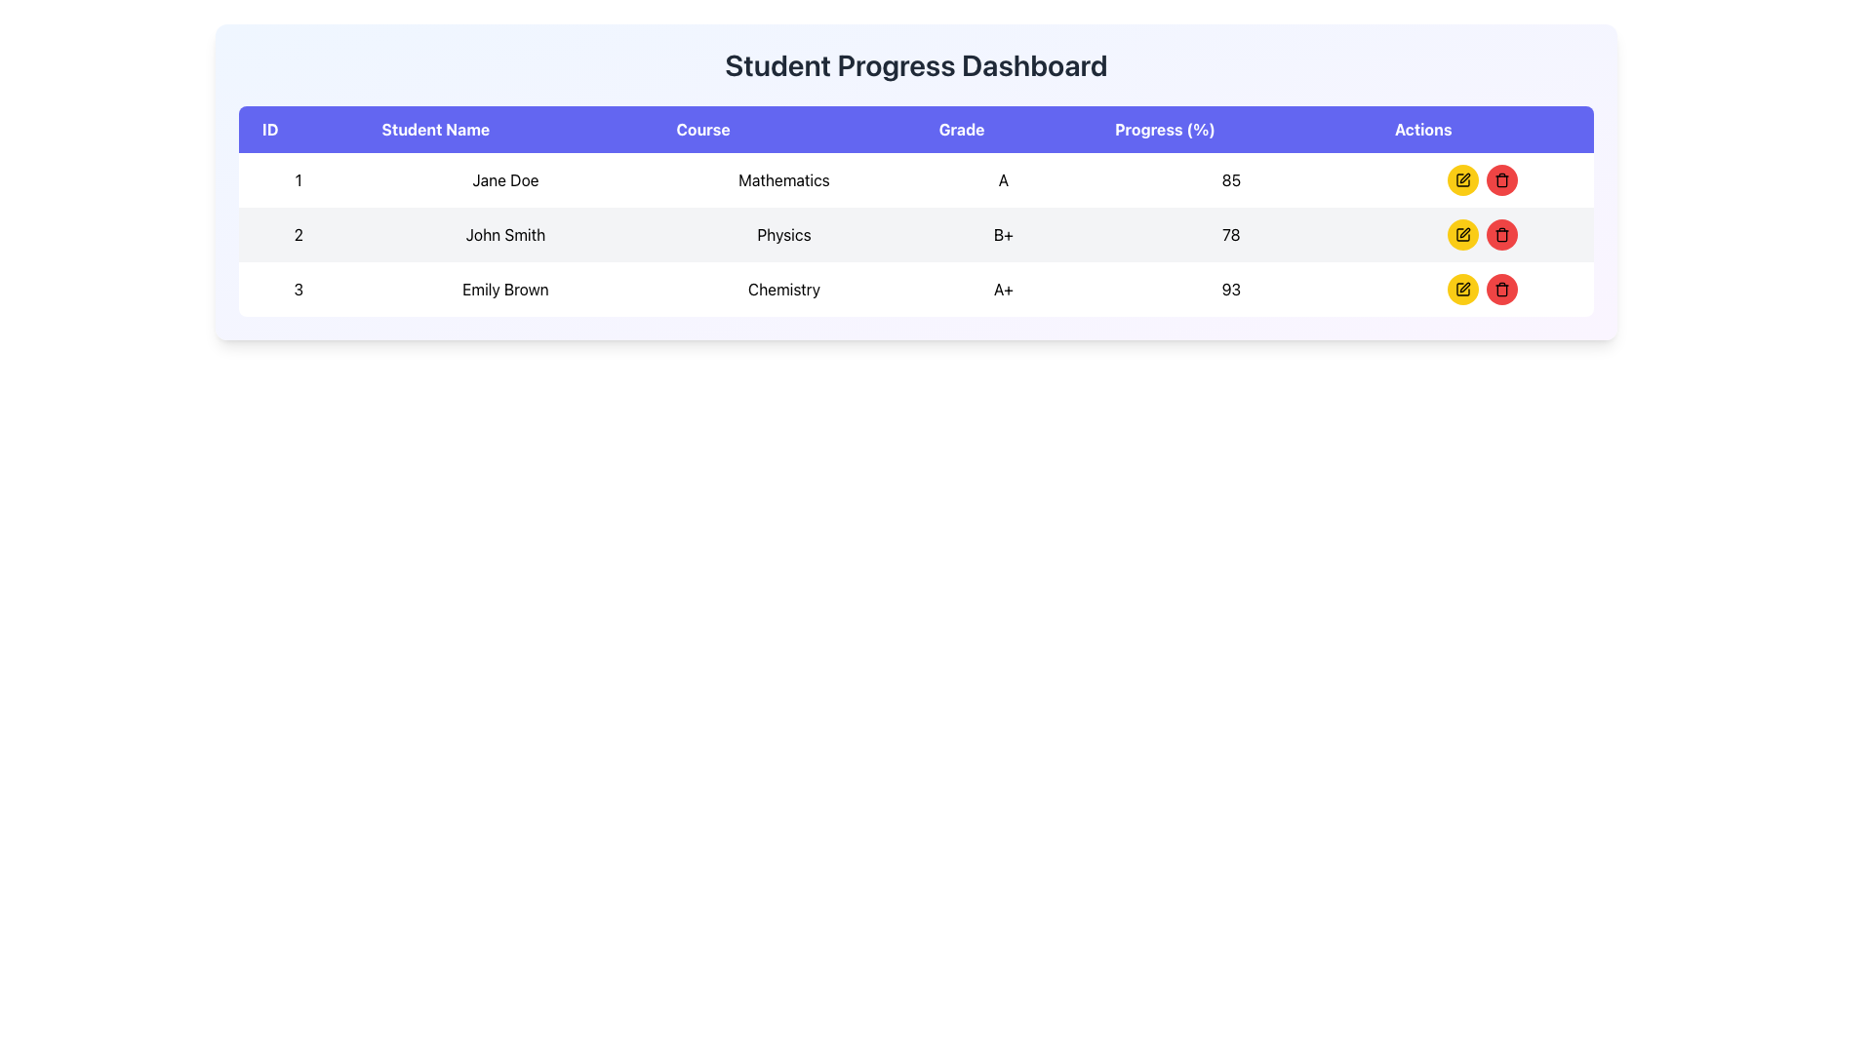 The height and width of the screenshot is (1053, 1873). I want to click on the text displaying the number '3' located in the leftmost column of the last row in the table, so click(298, 290).